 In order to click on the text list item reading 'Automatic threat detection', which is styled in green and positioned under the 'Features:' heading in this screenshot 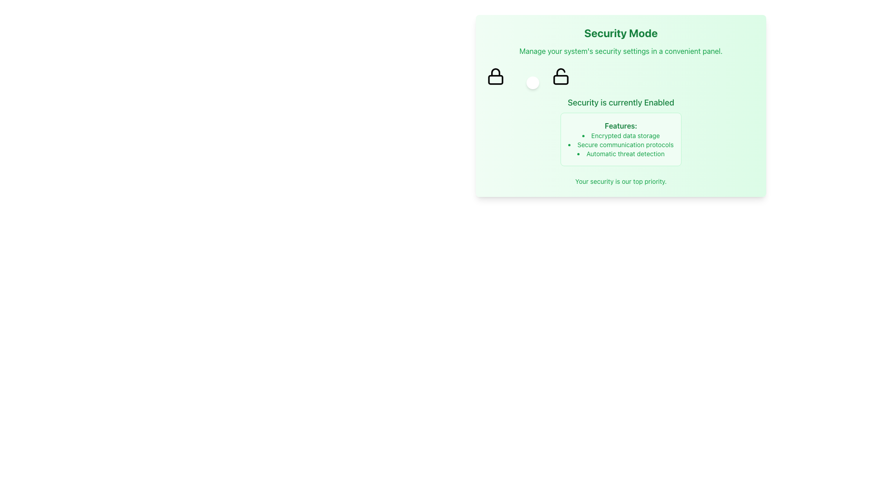, I will do `click(620, 153)`.